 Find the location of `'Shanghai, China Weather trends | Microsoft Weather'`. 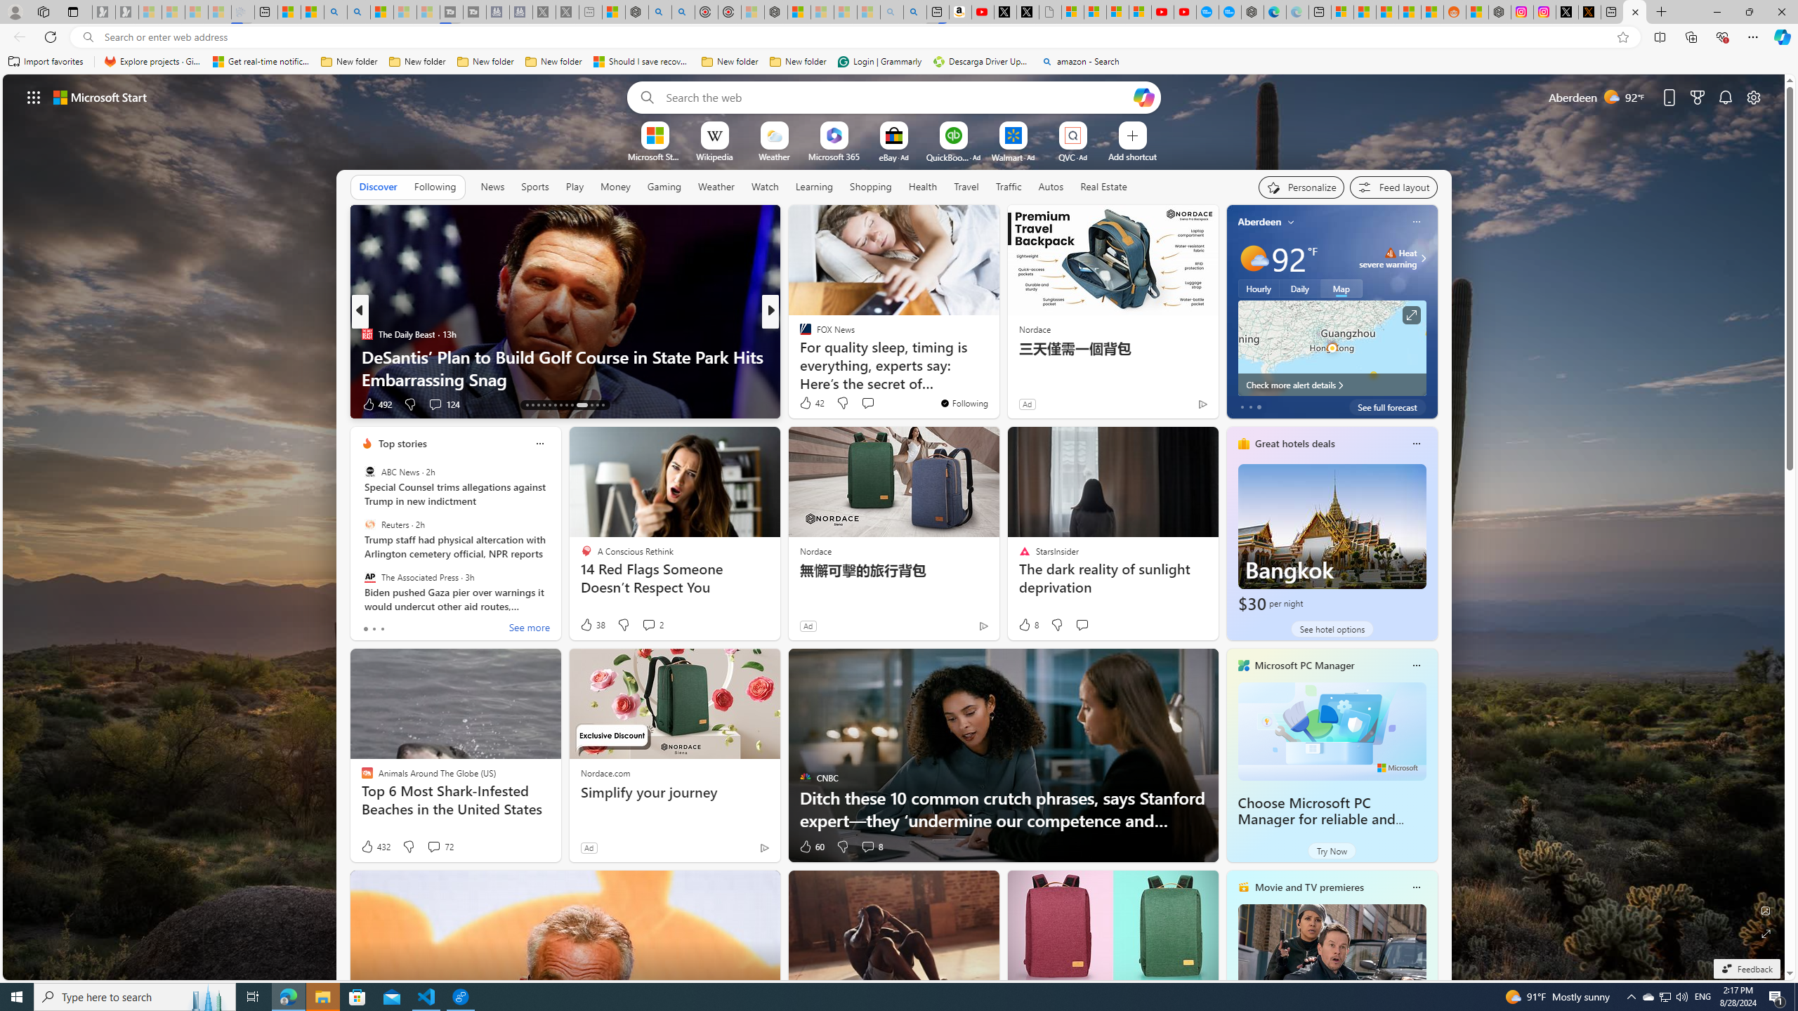

'Shanghai, China Weather trends | Microsoft Weather' is located at coordinates (1431, 11).